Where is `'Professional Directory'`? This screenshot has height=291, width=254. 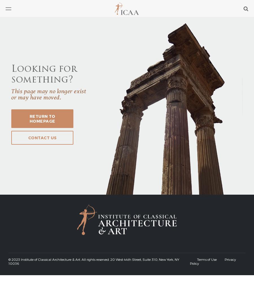 'Professional Directory' is located at coordinates (26, 148).